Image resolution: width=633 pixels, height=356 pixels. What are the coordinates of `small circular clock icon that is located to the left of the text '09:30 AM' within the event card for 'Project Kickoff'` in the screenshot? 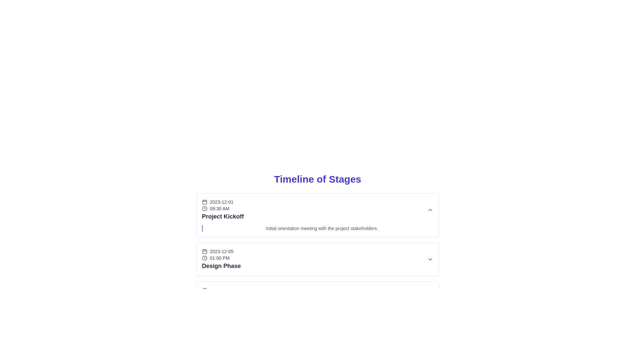 It's located at (204, 208).